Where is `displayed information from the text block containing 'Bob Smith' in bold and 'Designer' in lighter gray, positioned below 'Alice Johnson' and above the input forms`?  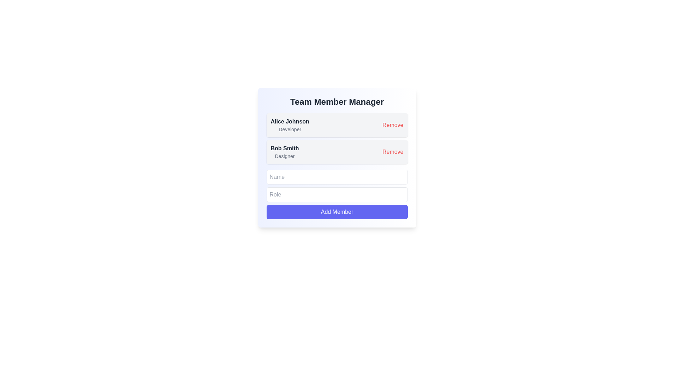
displayed information from the text block containing 'Bob Smith' in bold and 'Designer' in lighter gray, positioned below 'Alice Johnson' and above the input forms is located at coordinates (285, 152).